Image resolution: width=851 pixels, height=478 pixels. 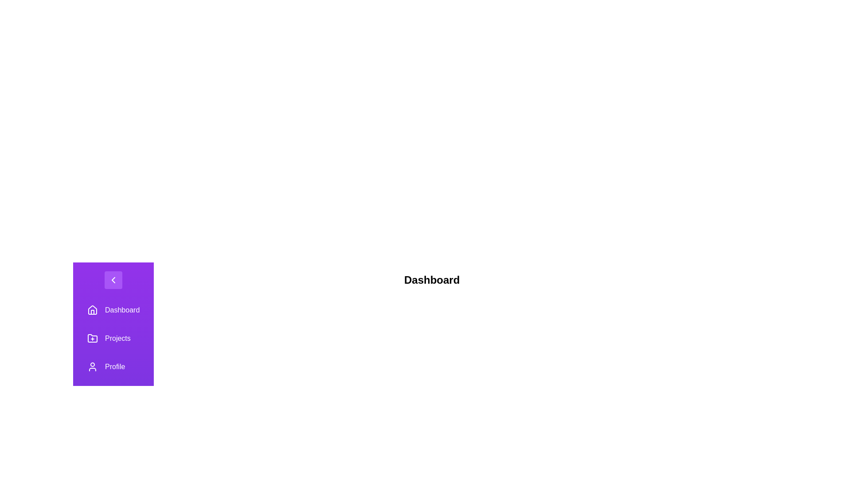 I want to click on the 'Dashboard' text label, so click(x=432, y=280).